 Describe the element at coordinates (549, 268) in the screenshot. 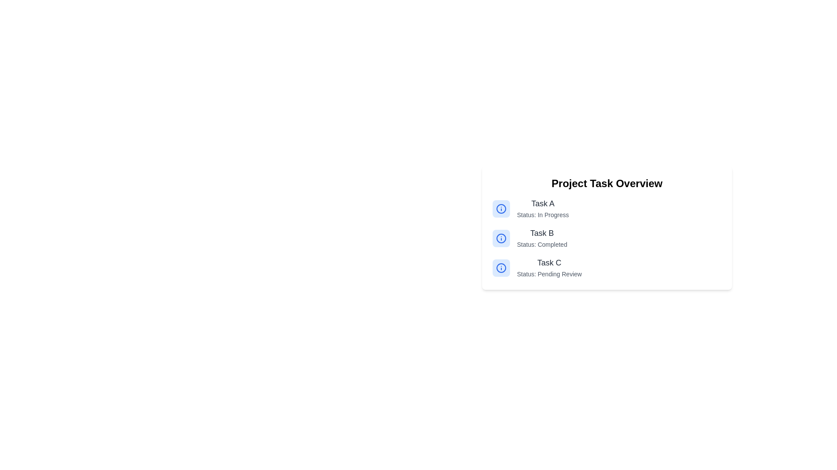

I see `the text label that conveys the task name and its current status, positioned below 'Task A' and 'Task B' in the vertical task list` at that location.